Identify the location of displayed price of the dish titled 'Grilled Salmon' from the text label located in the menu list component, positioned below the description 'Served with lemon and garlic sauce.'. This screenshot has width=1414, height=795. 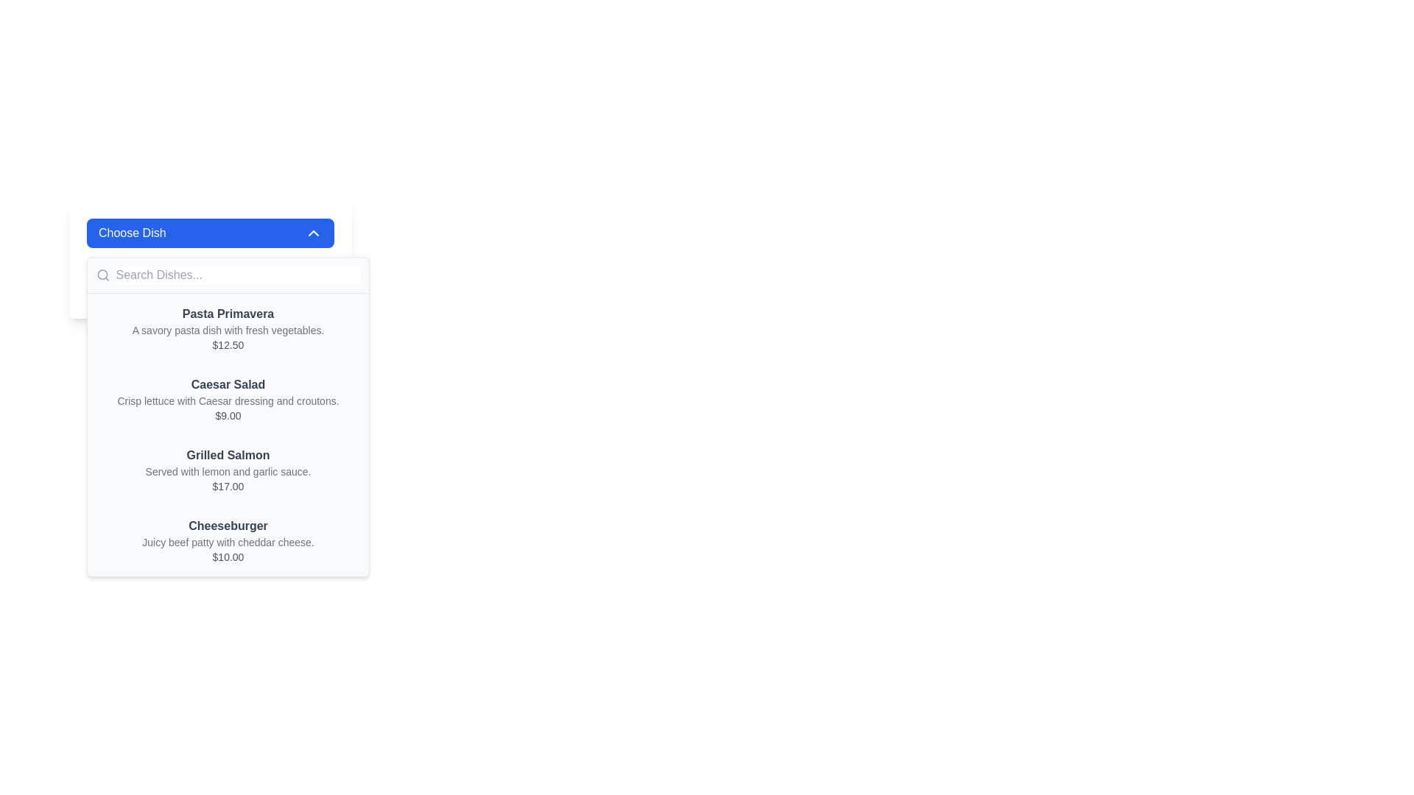
(228, 486).